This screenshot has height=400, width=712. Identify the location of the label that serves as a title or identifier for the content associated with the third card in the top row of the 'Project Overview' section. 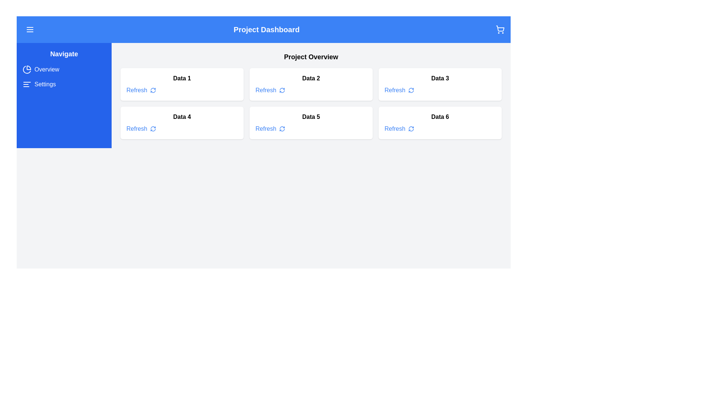
(440, 79).